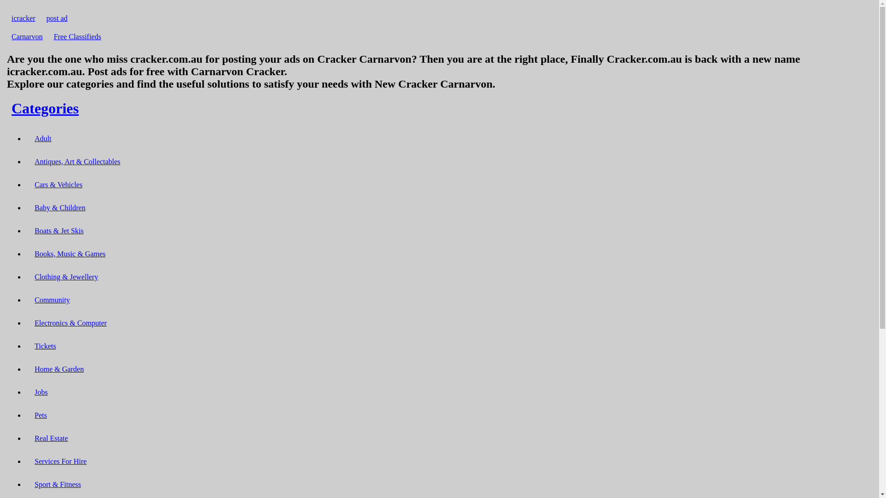 The image size is (886, 498). What do you see at coordinates (6, 36) in the screenshot?
I see `'Carnarvon'` at bounding box center [6, 36].